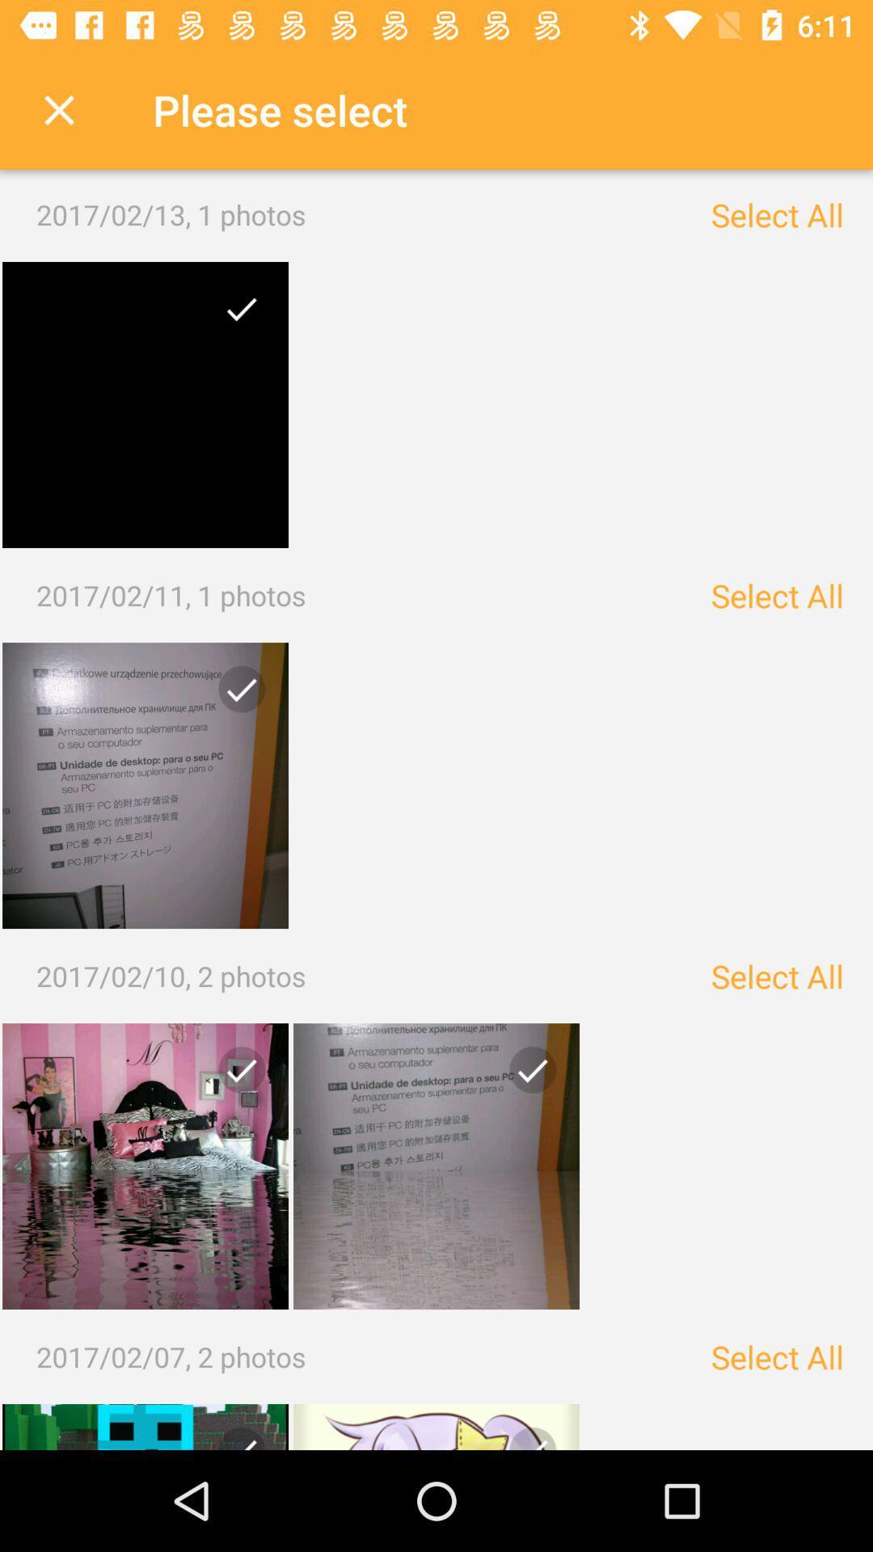 The width and height of the screenshot is (873, 1552). I want to click on selected picture, so click(145, 404).